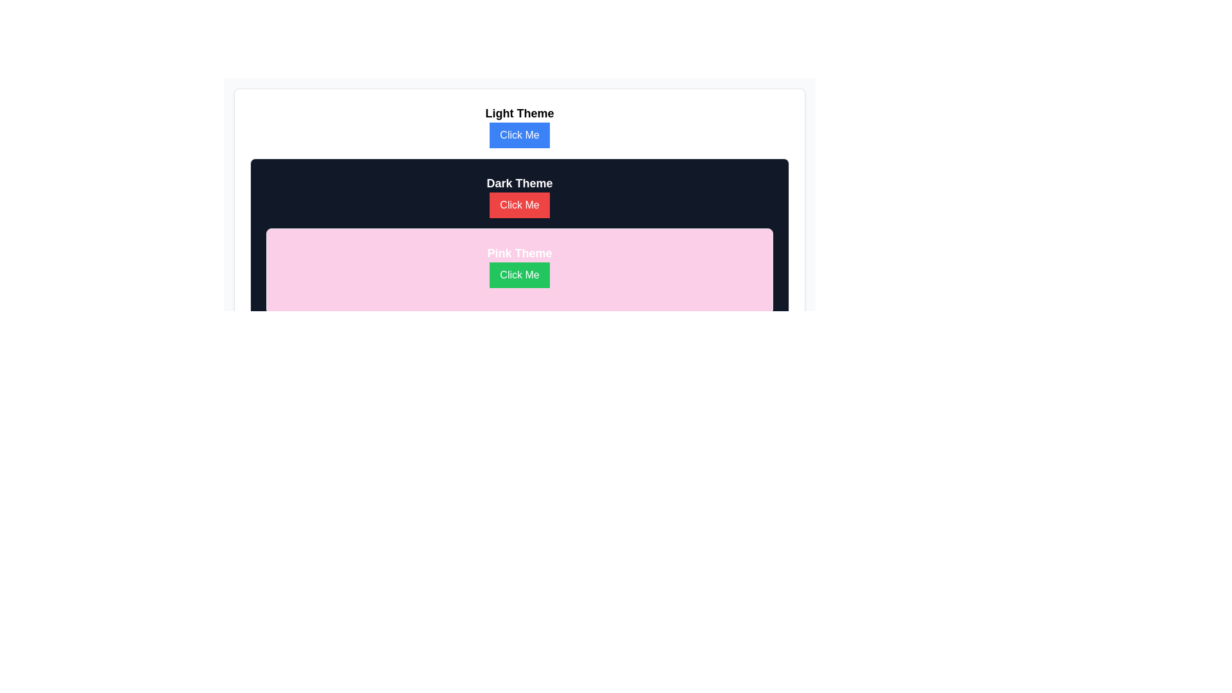 This screenshot has height=693, width=1232. What do you see at coordinates (520, 274) in the screenshot?
I see `the 'Click Me' button with a green background and white text, located in the pink-themed section to observe any hover effects` at bounding box center [520, 274].